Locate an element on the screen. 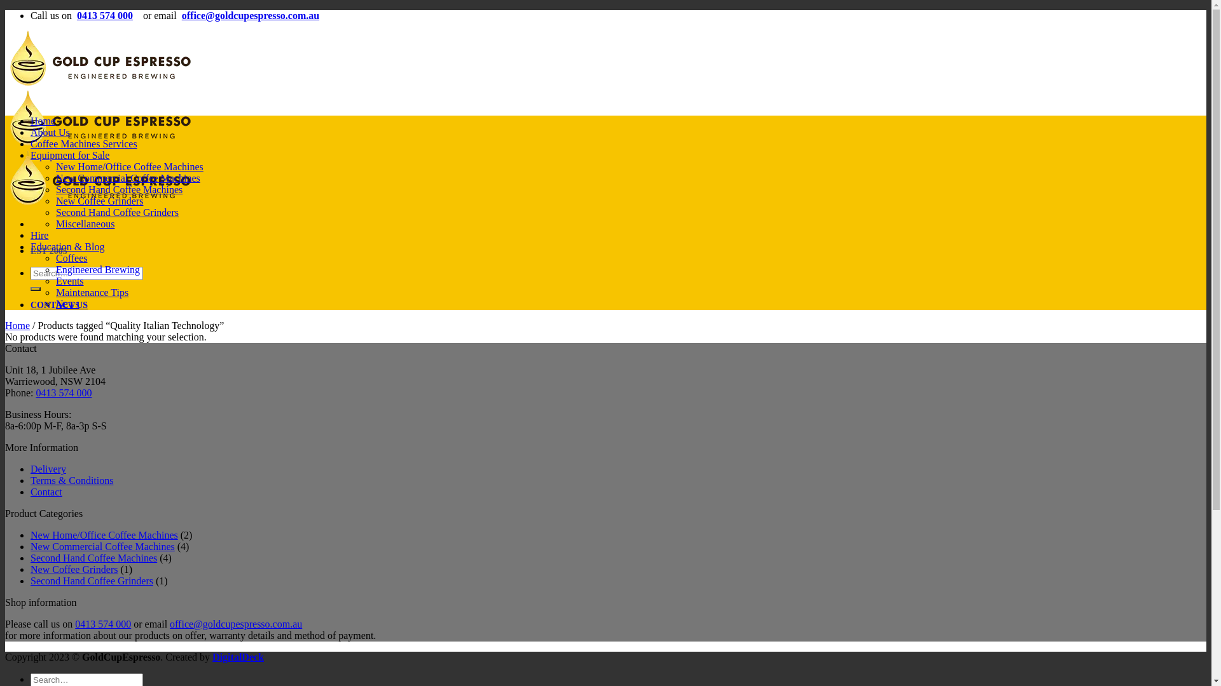 The width and height of the screenshot is (1221, 686). 'Skip to content' is located at coordinates (4, 10).